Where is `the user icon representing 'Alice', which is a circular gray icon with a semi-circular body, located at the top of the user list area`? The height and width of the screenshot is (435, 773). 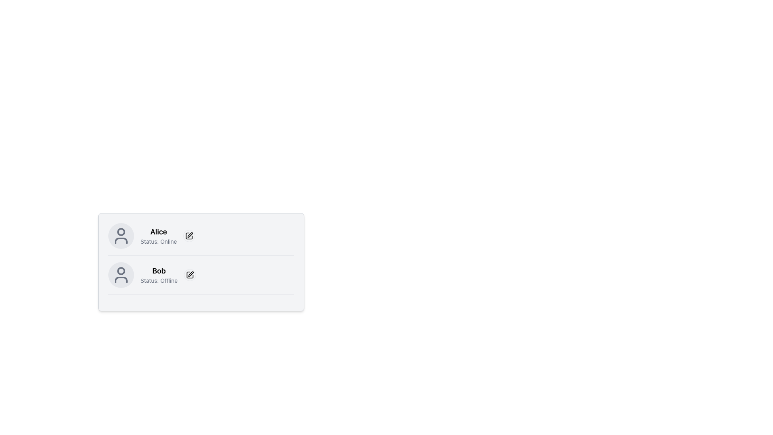 the user icon representing 'Alice', which is a circular gray icon with a semi-circular body, located at the top of the user list area is located at coordinates (121, 236).